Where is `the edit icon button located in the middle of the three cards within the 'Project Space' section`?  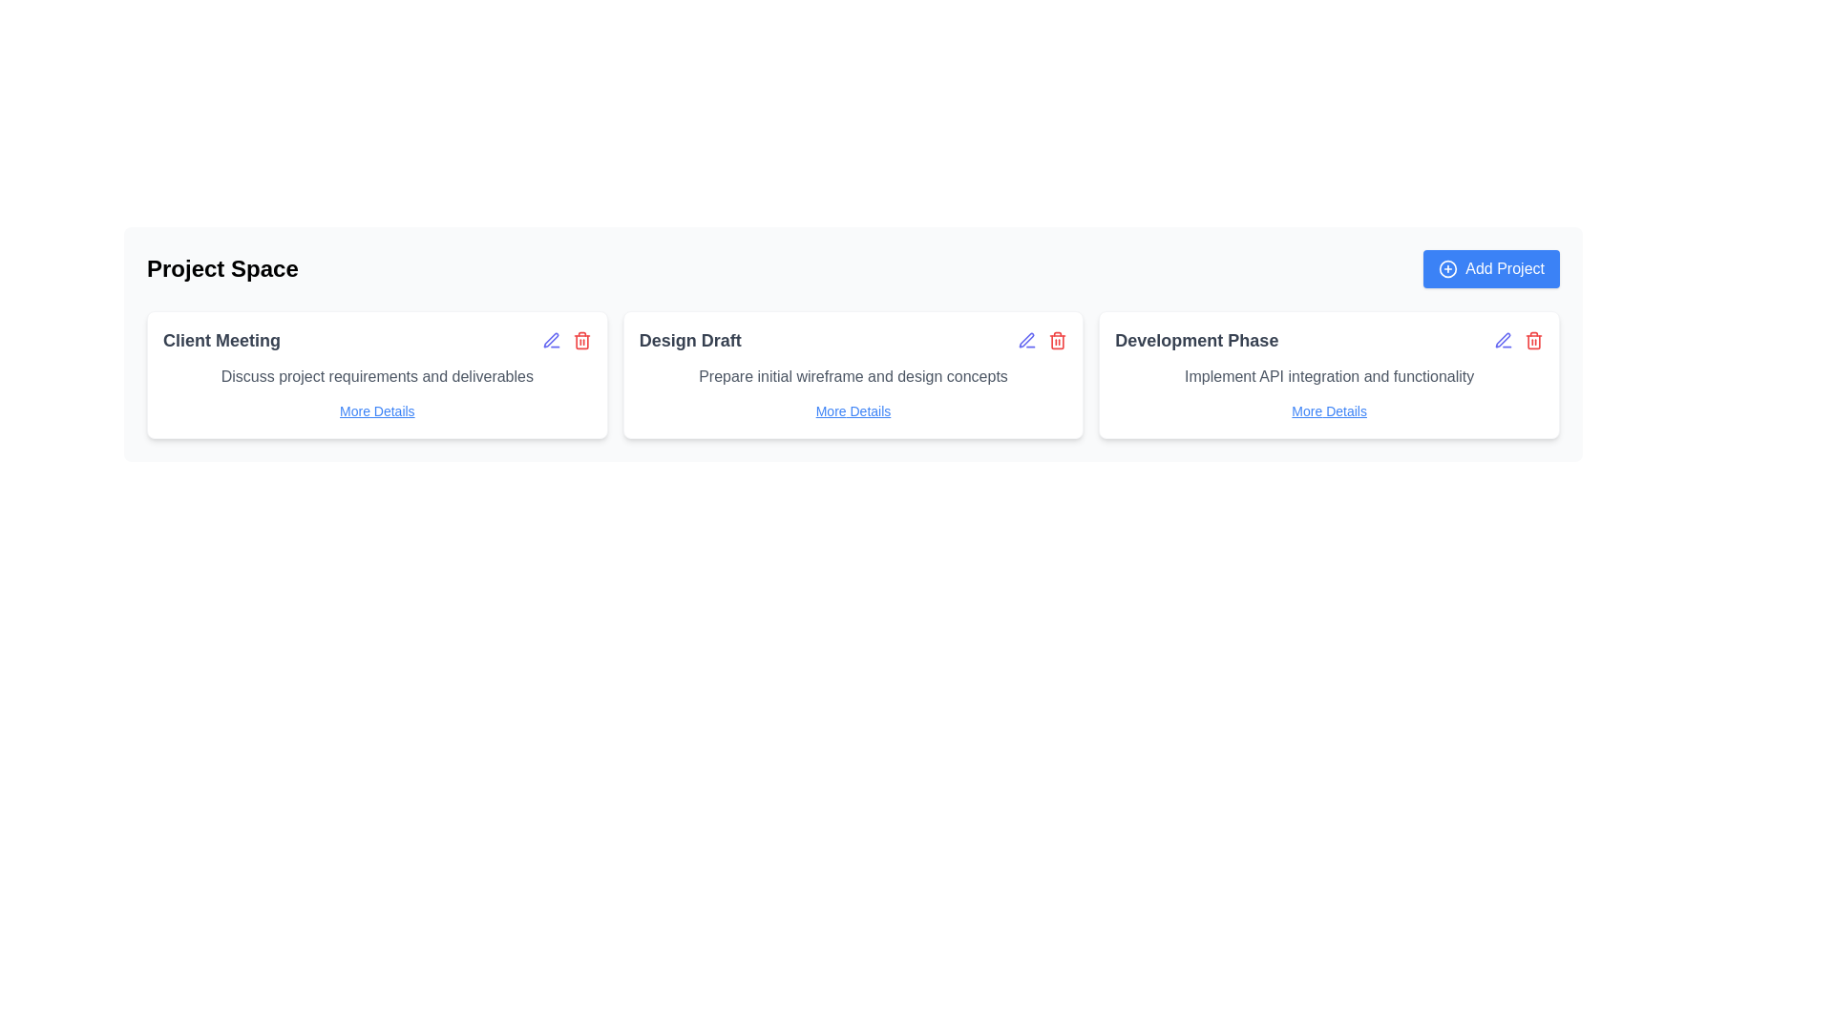
the edit icon button located in the middle of the three cards within the 'Project Space' section is located at coordinates (1026, 340).